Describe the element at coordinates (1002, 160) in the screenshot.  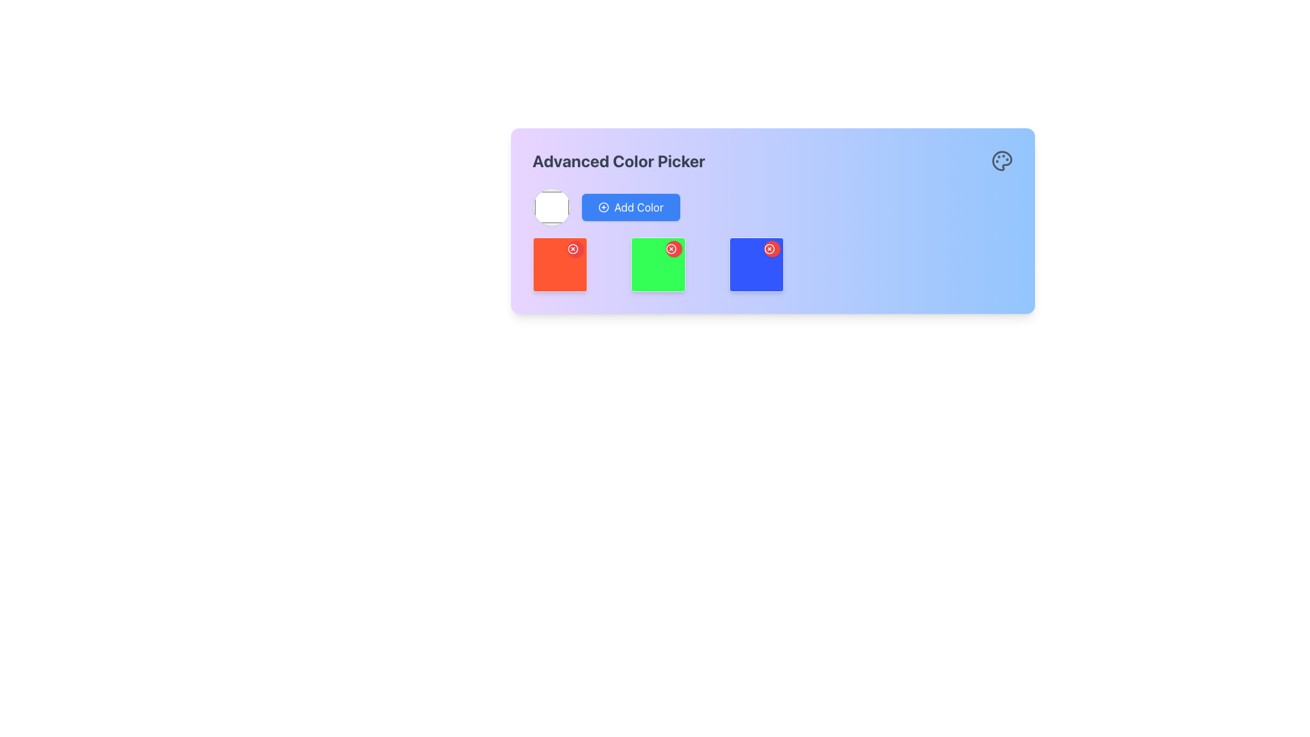
I see `the color selection icon located in the top-right corner of the 'Advanced Color Picker' panel` at that location.